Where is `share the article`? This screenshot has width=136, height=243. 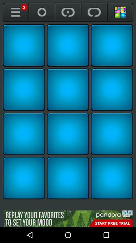 share the article is located at coordinates (68, 90).